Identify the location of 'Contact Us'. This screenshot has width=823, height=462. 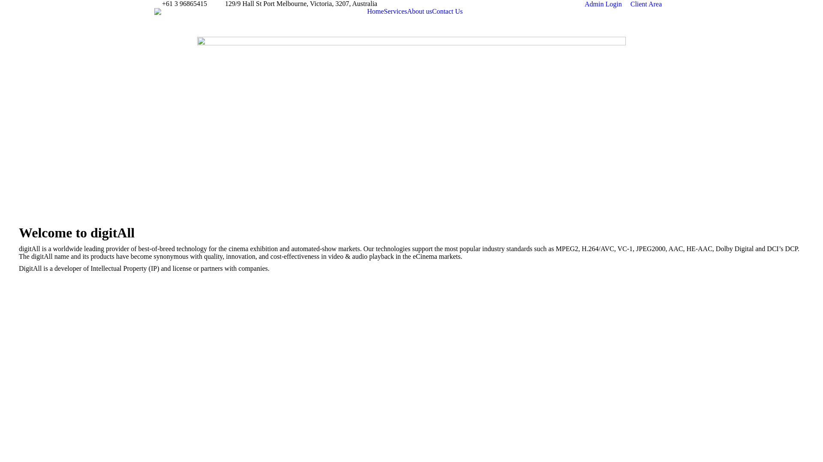
(432, 12).